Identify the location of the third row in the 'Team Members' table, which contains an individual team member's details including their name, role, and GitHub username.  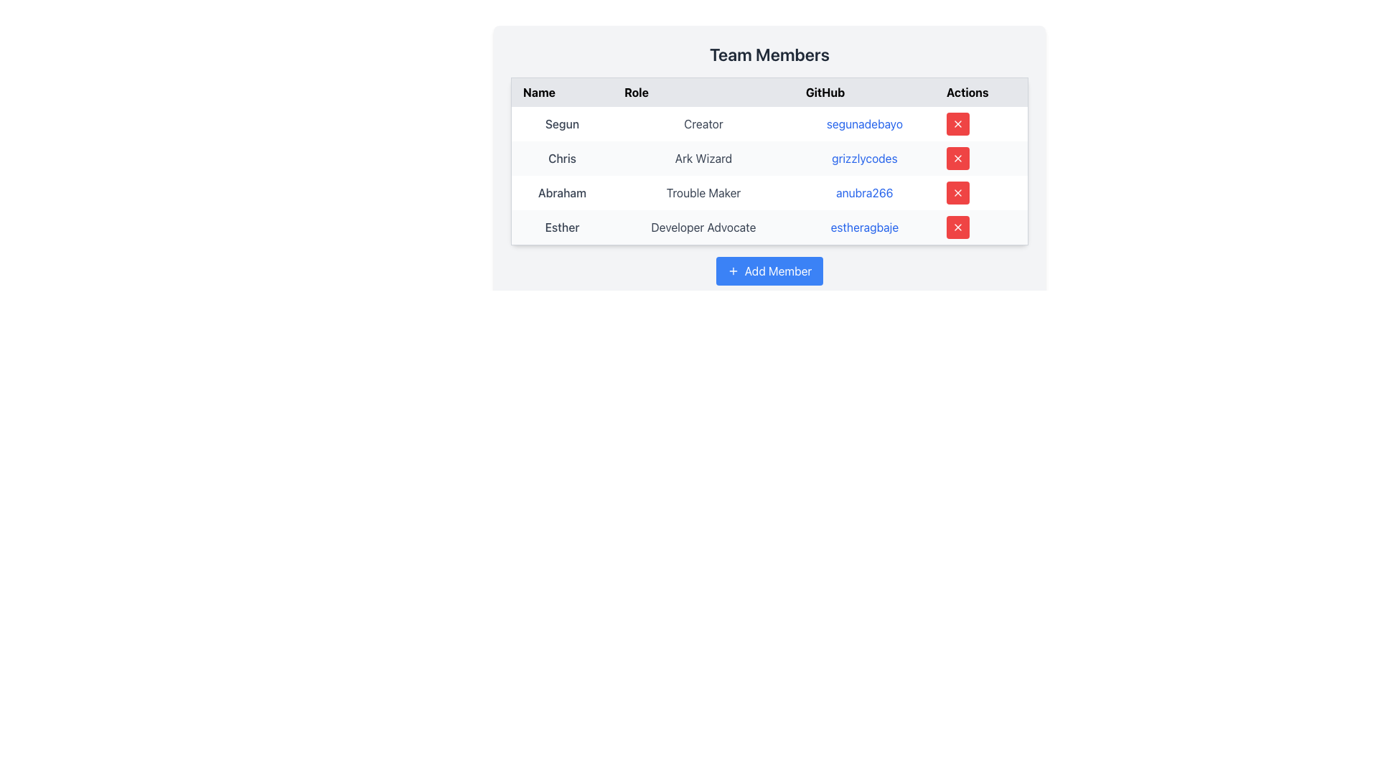
(769, 192).